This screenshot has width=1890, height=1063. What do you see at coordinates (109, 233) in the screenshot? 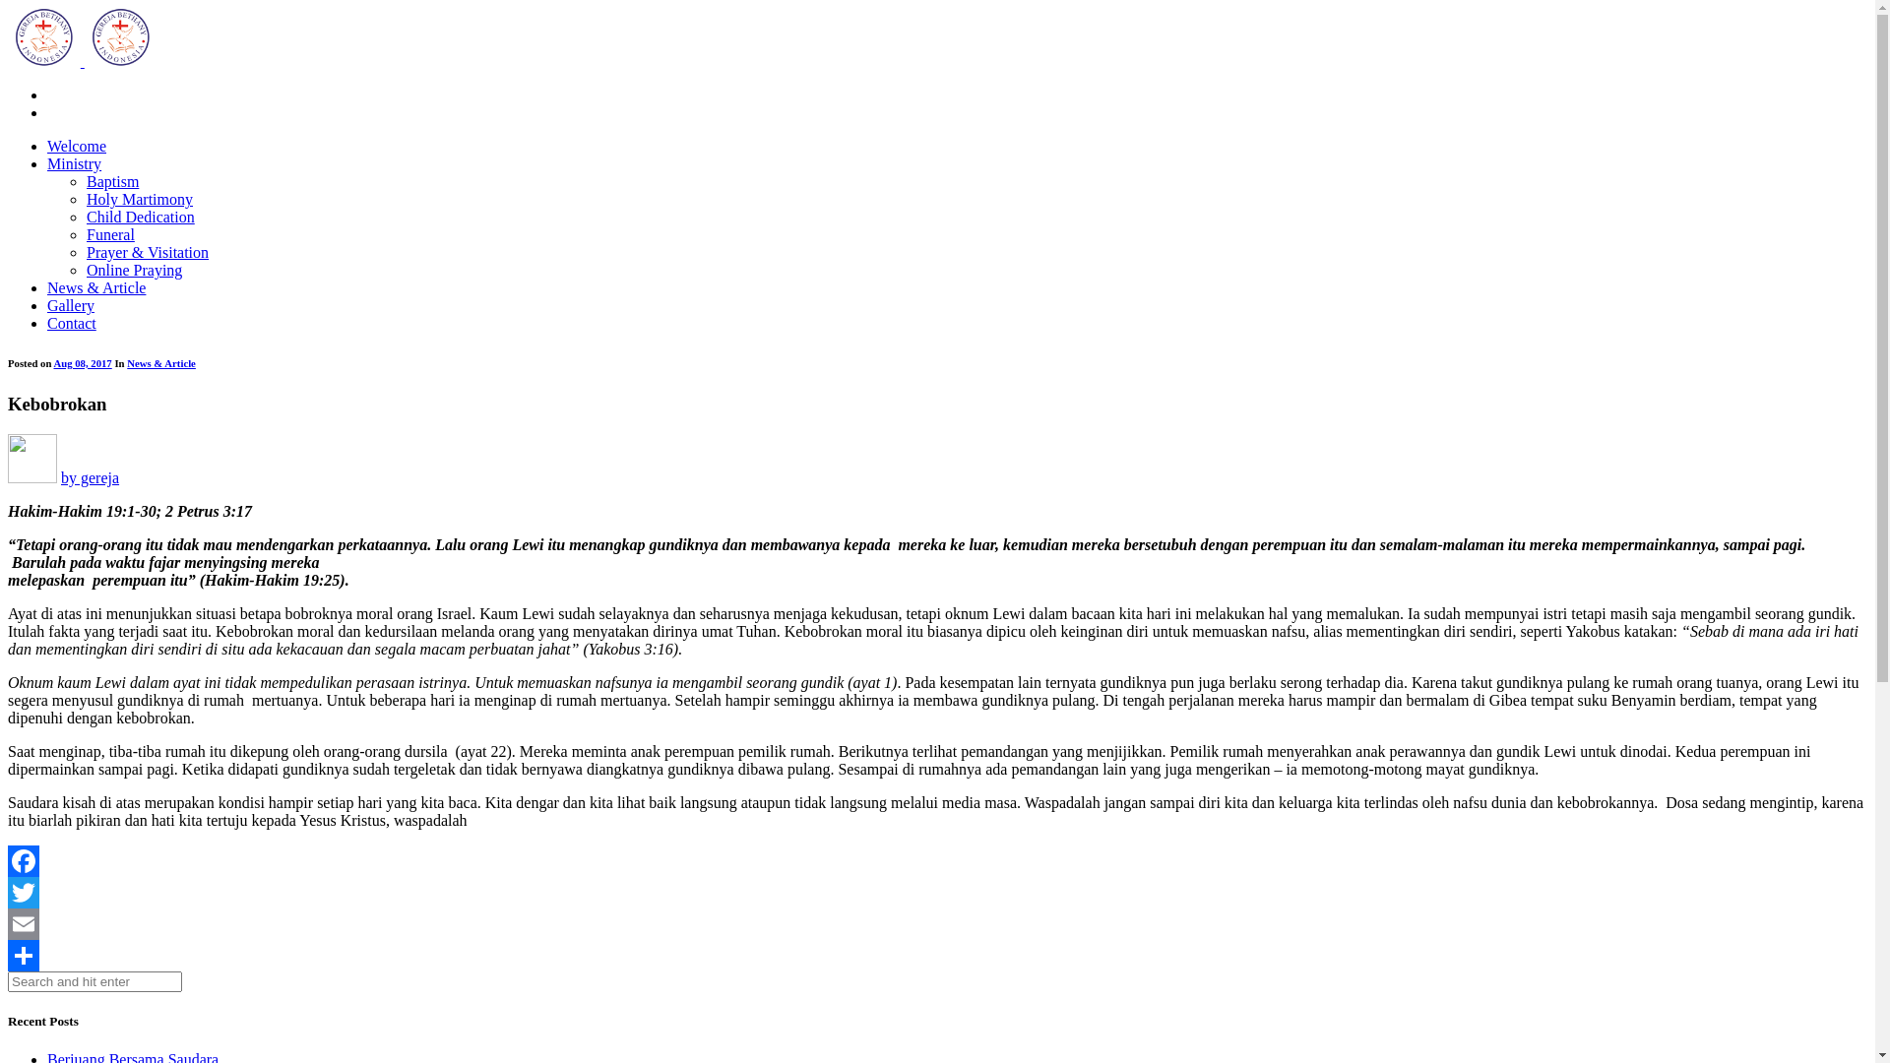
I see `'Funeral'` at bounding box center [109, 233].